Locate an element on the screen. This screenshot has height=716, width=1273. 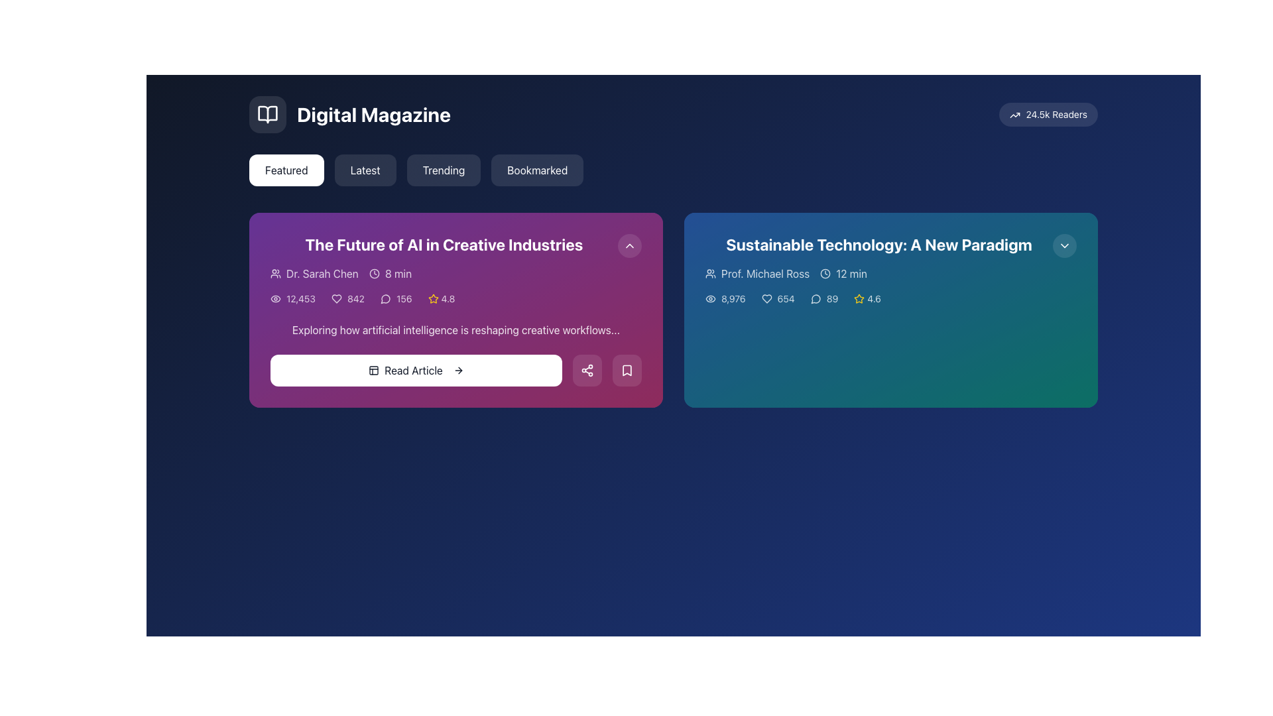
the Text Label with Icon that displays statistical information about the total readership of the 'Digital Magazine', located at the top-right section of the interface is located at coordinates (1048, 114).